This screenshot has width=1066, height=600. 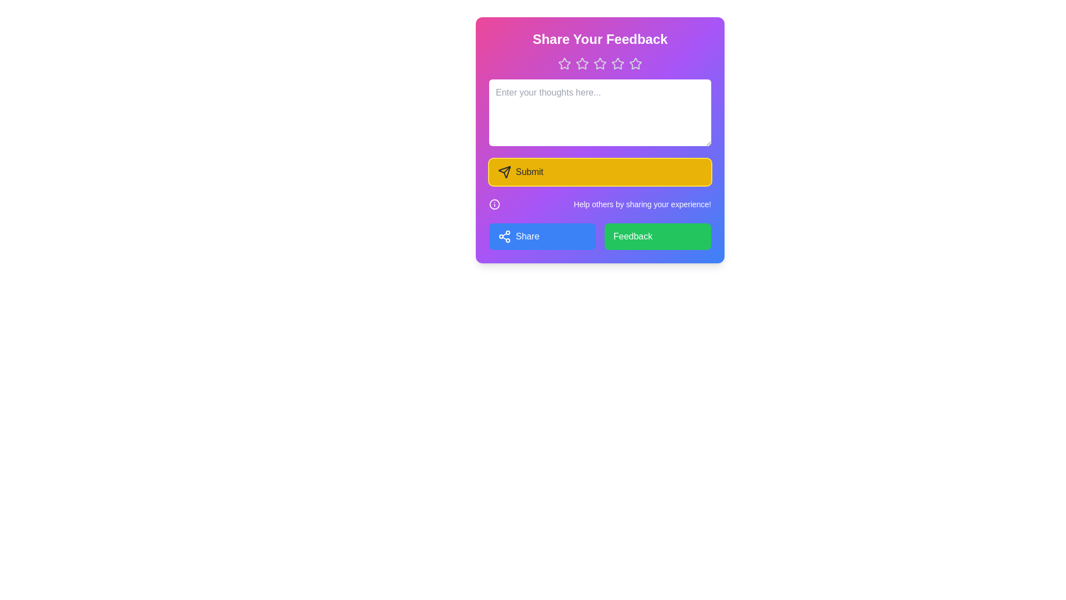 What do you see at coordinates (636, 64) in the screenshot?
I see `the fifth star-shaped icon in the rating system` at bounding box center [636, 64].